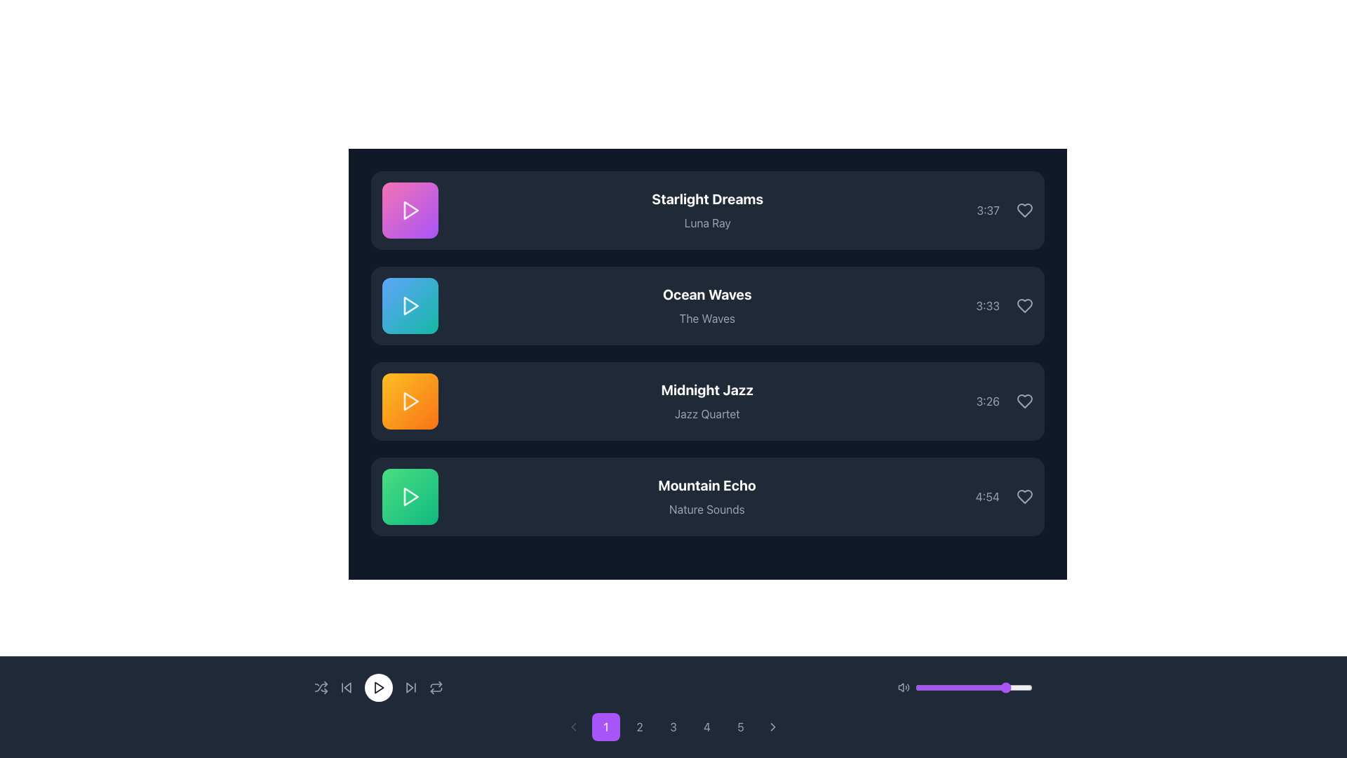 The height and width of the screenshot is (758, 1347). Describe the element at coordinates (1024, 211) in the screenshot. I see `the heart icon button, which is the rightmost element in a row containing the time '3:37'` at that location.